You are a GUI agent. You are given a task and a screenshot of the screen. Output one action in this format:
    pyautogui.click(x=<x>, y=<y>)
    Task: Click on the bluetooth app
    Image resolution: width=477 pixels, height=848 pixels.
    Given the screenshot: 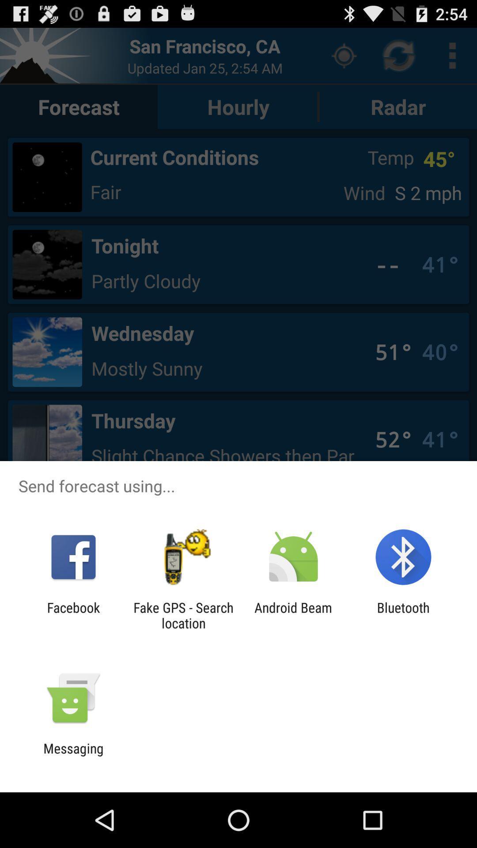 What is the action you would take?
    pyautogui.click(x=403, y=615)
    